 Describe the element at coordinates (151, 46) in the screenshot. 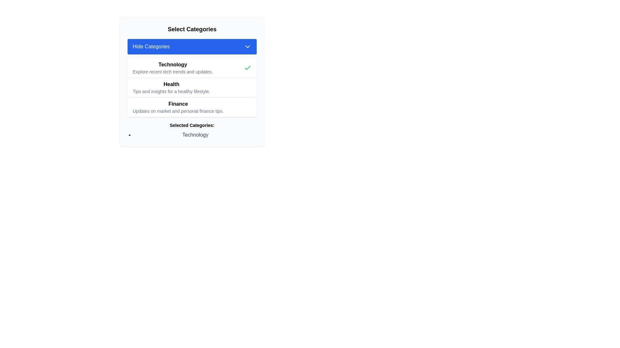

I see `information displayed on the 'Hide Categories' text label, which is bold and white on a blue button-like background` at that location.